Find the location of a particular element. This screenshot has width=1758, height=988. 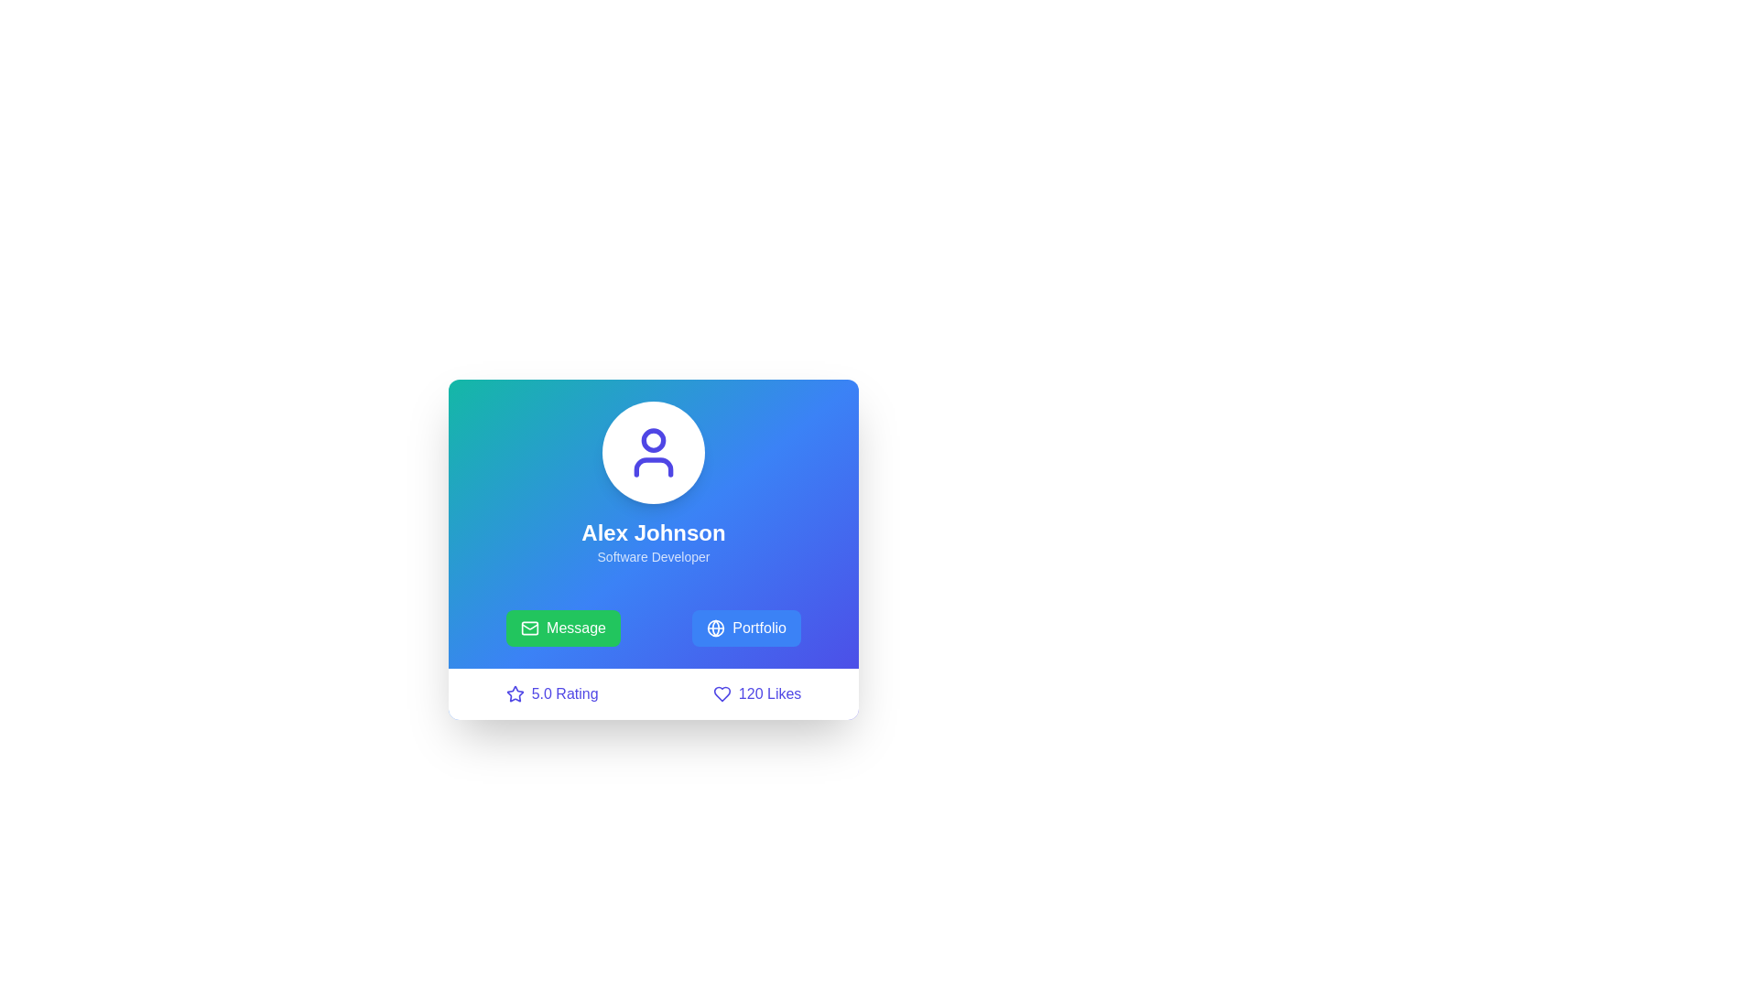

the 'Portfolio' button, which is a rounded rectangular button with a vibrant blue background and a globe icon is located at coordinates (746, 627).